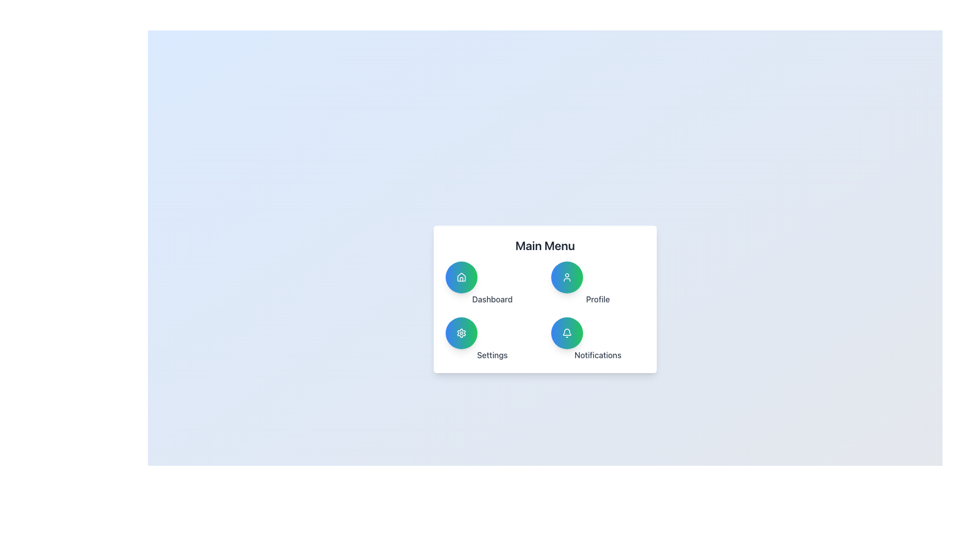 The width and height of the screenshot is (956, 538). I want to click on the circular 'Dashboard' button which contains a house-shaped icon, so click(461, 277).